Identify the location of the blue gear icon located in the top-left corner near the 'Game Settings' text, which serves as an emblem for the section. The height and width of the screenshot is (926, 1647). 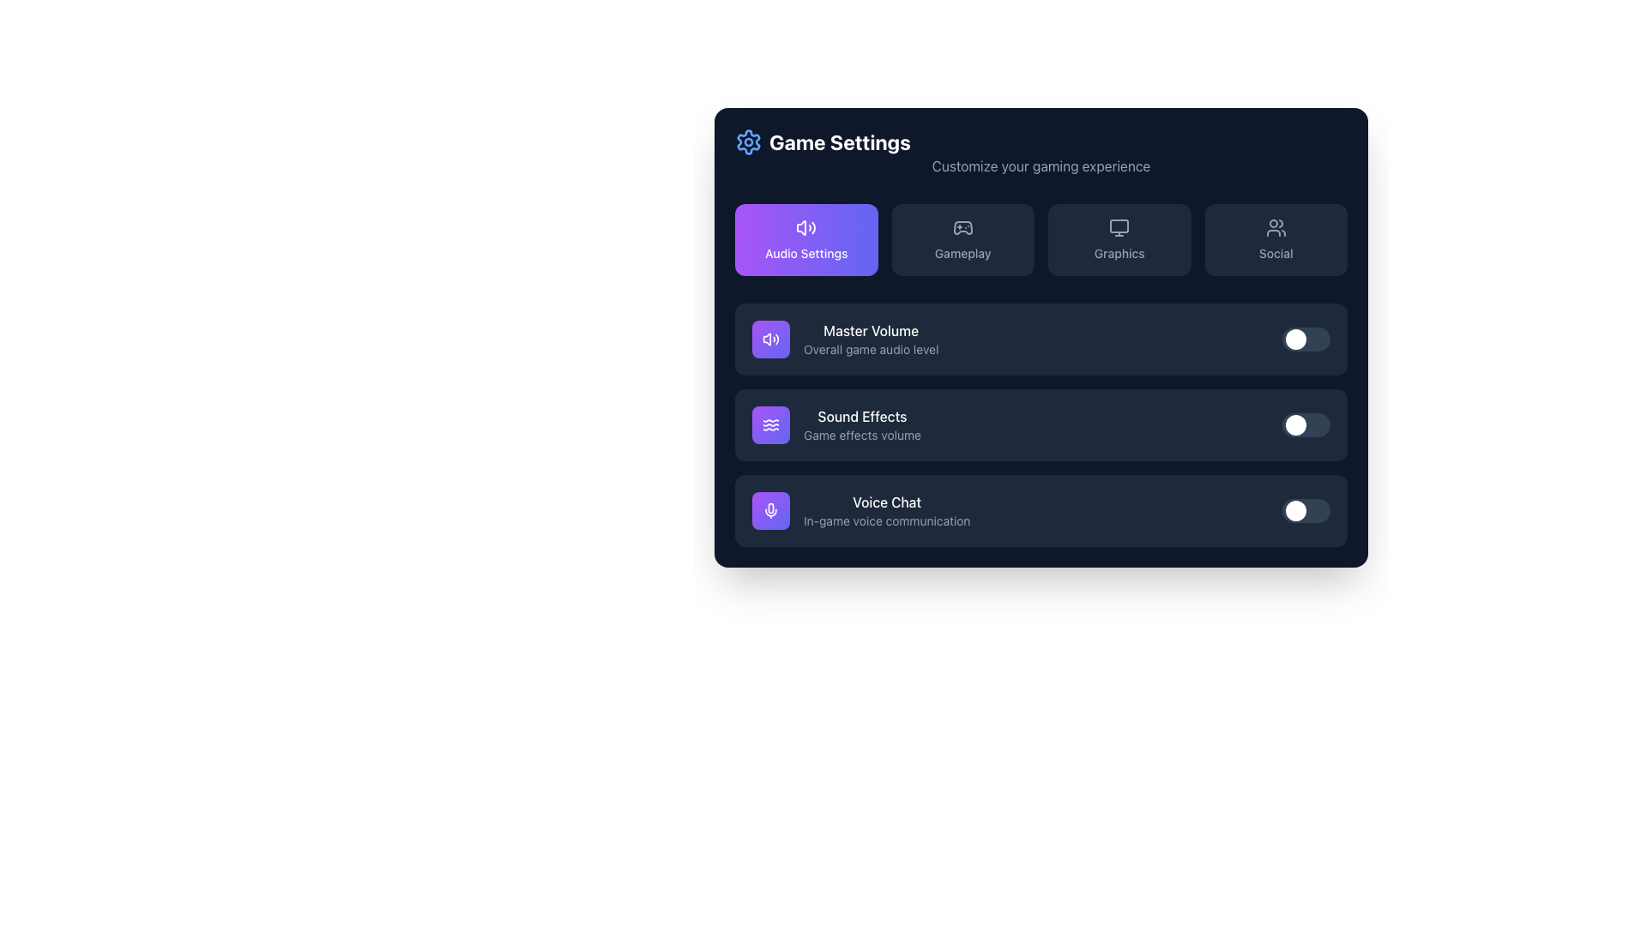
(749, 141).